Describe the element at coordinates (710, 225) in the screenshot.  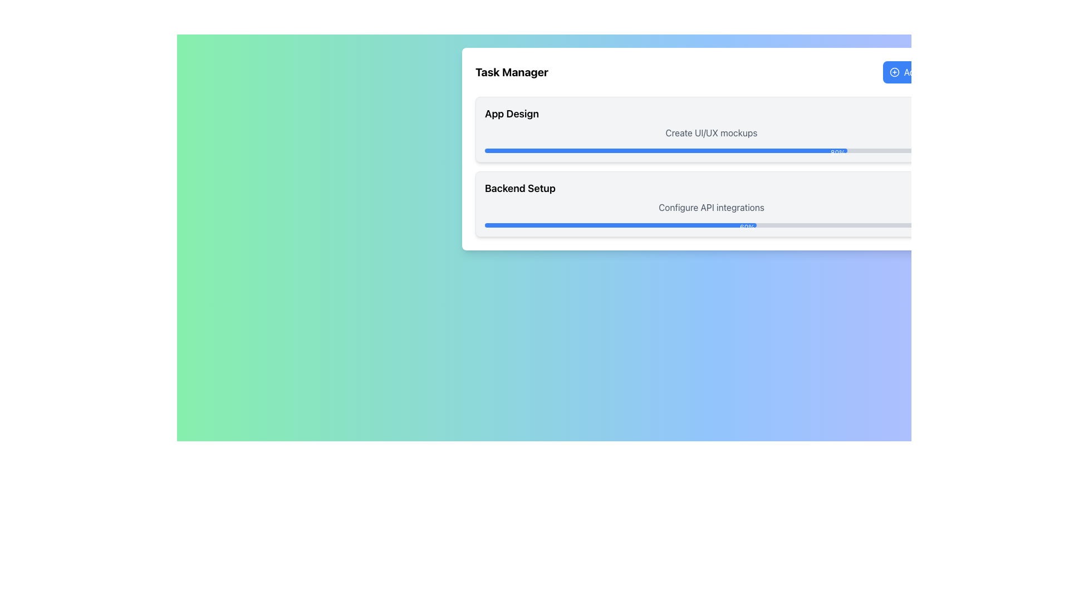
I see `value '60%' from the horizontal progress bar located in the 'Backend Setup' card below the text 'Configure API integrations'` at that location.